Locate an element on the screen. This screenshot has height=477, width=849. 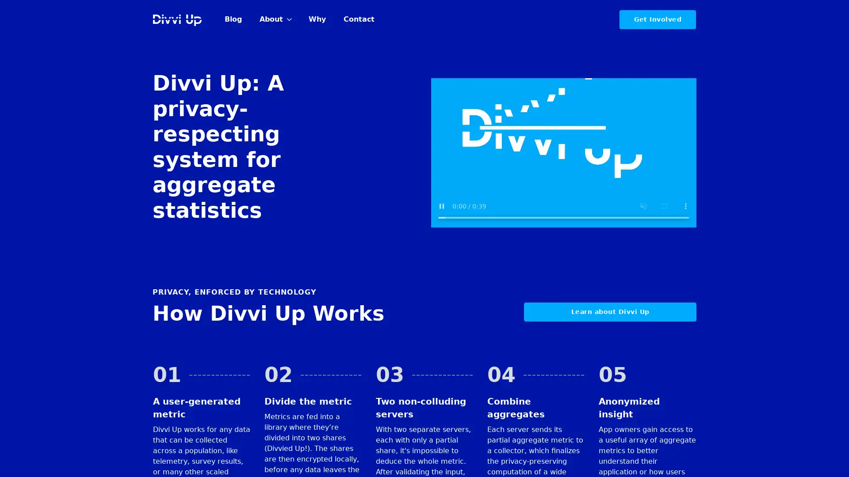
unmute is located at coordinates (643, 206).